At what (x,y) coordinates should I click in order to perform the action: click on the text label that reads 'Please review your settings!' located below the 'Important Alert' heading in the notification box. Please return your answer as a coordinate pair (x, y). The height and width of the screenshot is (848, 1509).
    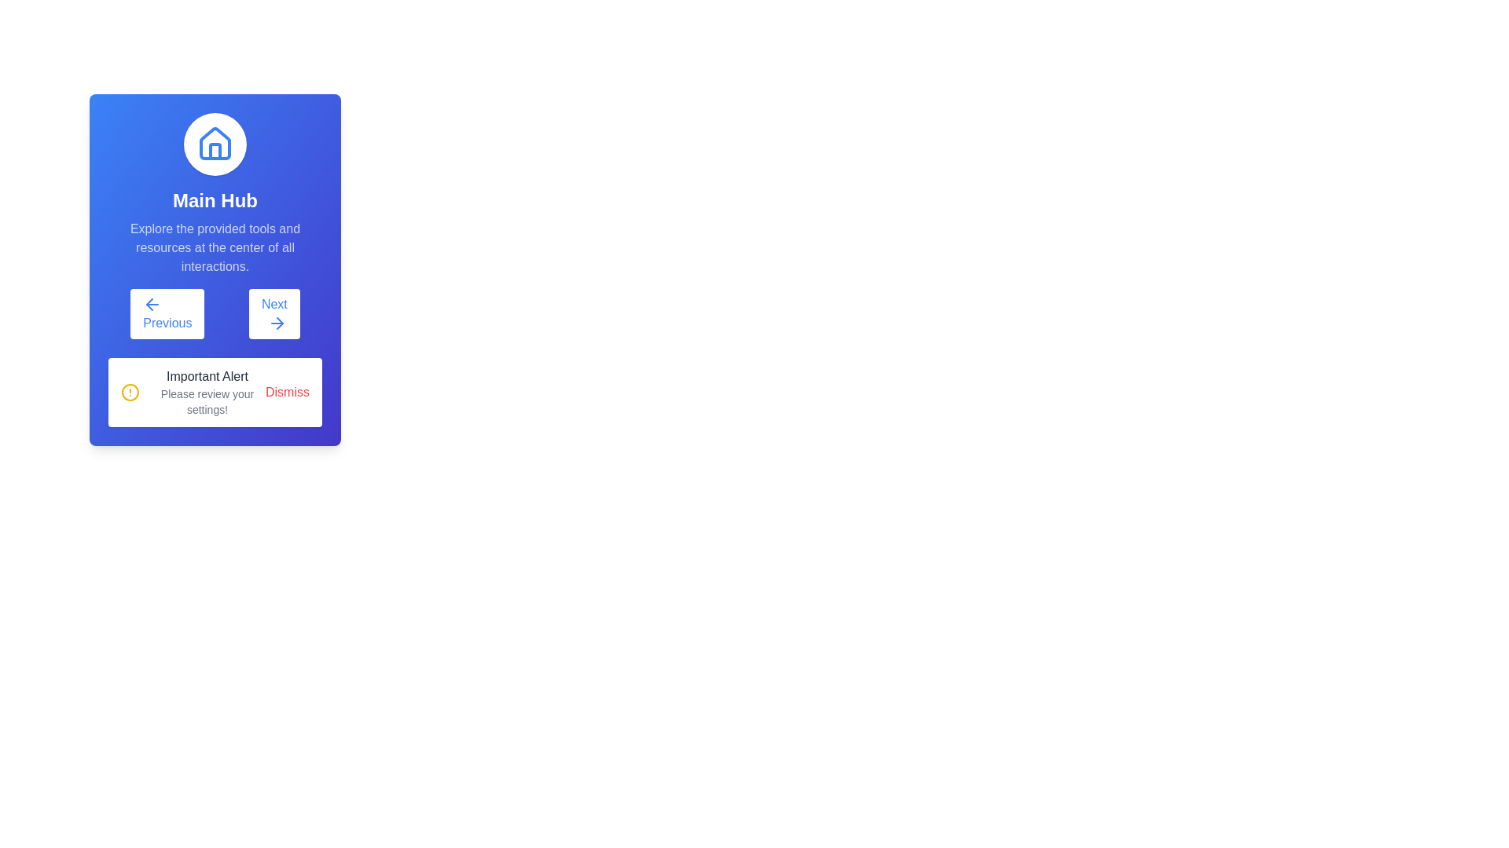
    Looking at the image, I should click on (207, 401).